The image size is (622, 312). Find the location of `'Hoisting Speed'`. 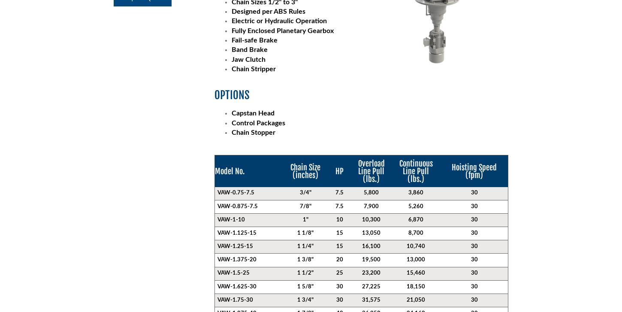

'Hoisting Speed' is located at coordinates (451, 167).